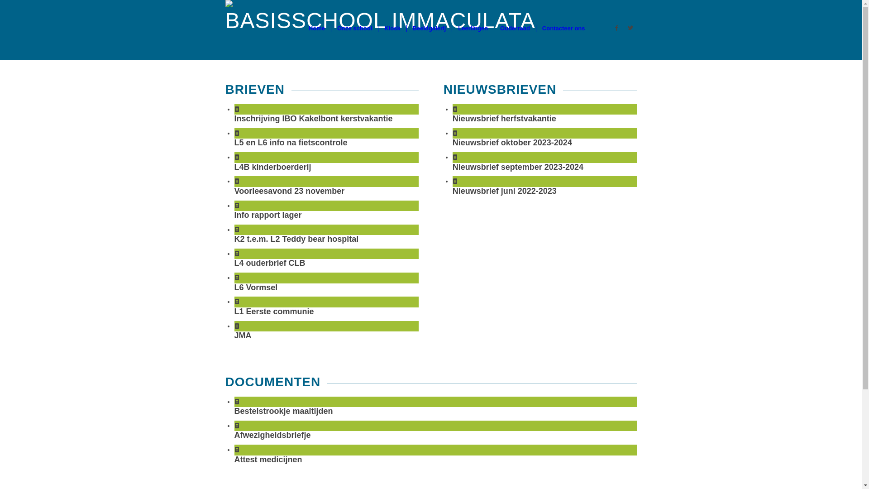 This screenshot has height=489, width=869. Describe the element at coordinates (256, 288) in the screenshot. I see `'L6 Vormsel'` at that location.